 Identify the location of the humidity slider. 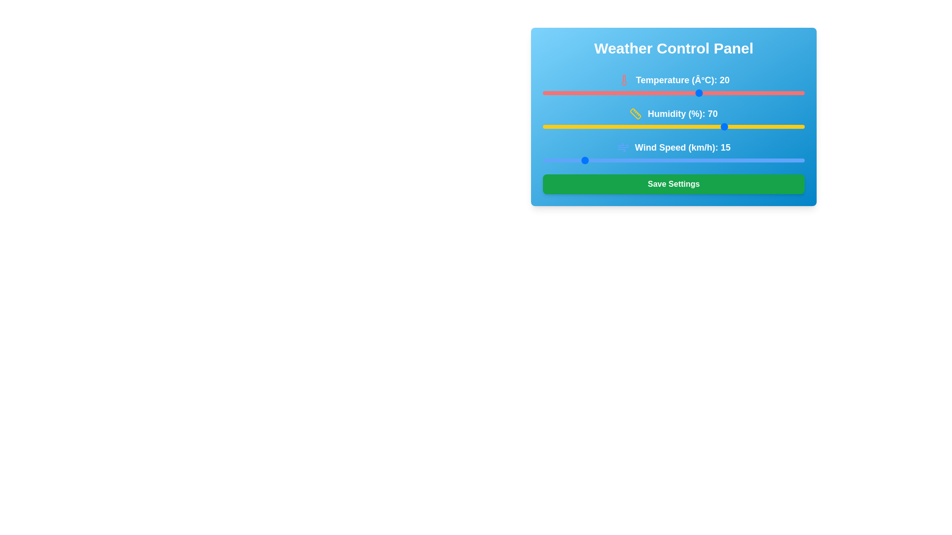
(658, 126).